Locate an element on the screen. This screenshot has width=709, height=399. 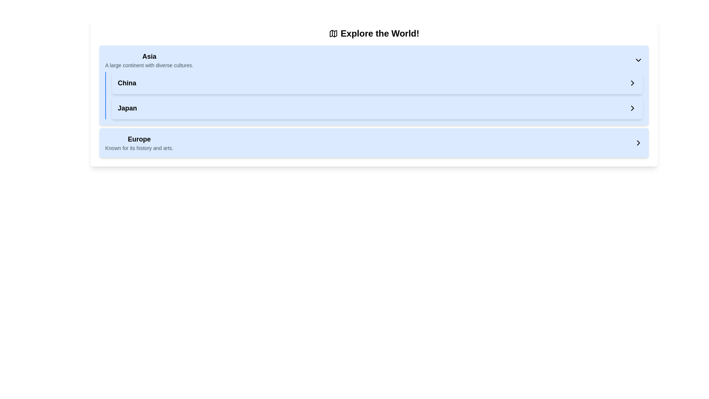
the rightward chevron icon associated with the 'Europe' header row in the collapsible list is located at coordinates (638, 143).